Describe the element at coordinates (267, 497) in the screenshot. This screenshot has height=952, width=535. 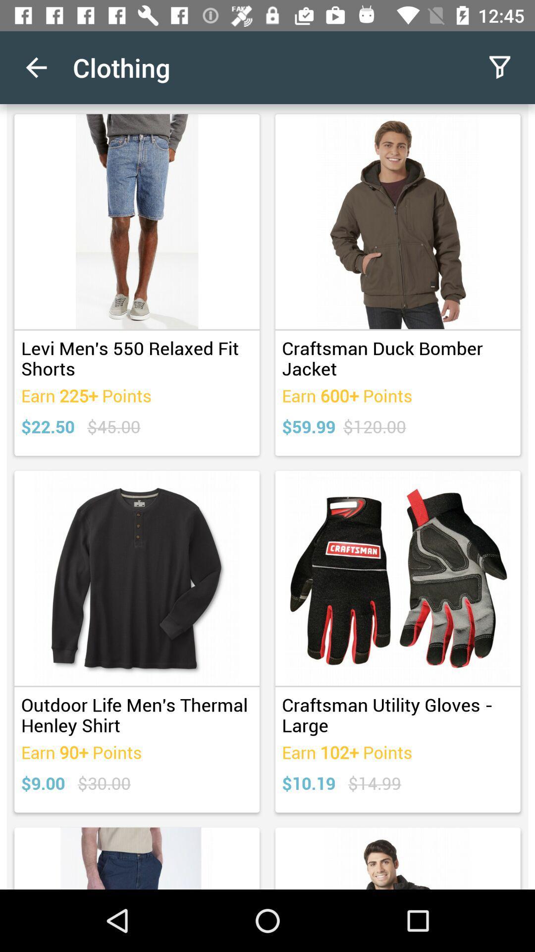
I see `products page` at that location.